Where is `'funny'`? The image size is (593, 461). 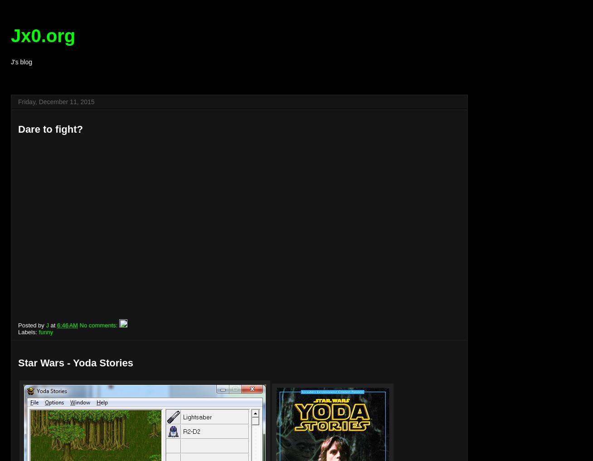
'funny' is located at coordinates (38, 331).